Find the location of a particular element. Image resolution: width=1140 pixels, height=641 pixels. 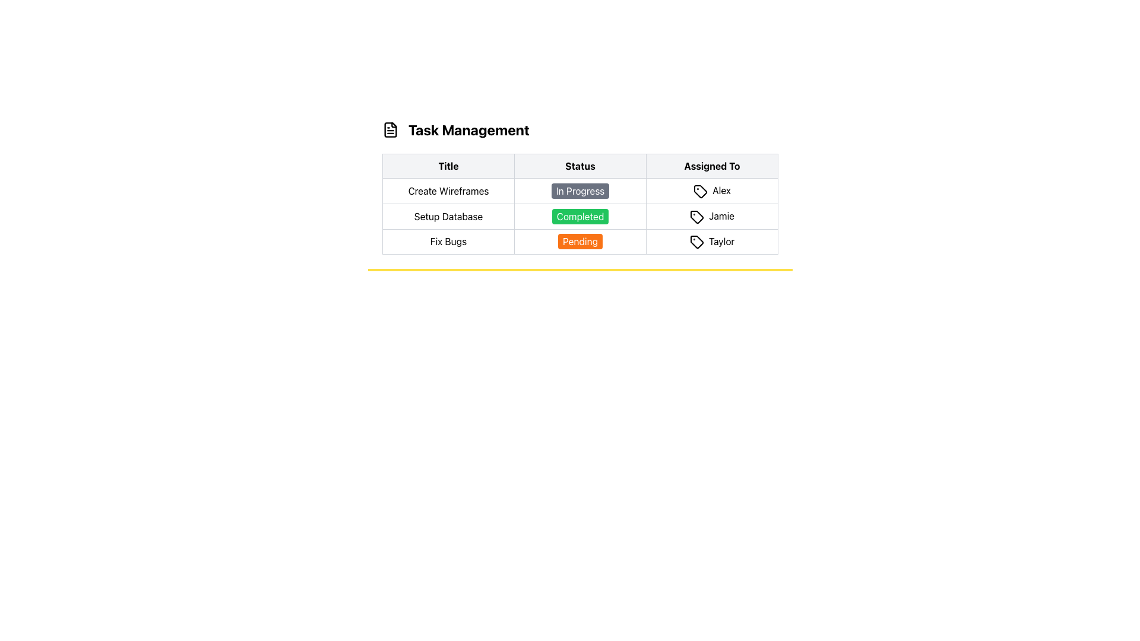

the text label displaying 'Taylor' located in the last row of the 'Assigned To' column in the 'Task Management' table, which is styled with a border and light background is located at coordinates (712, 241).